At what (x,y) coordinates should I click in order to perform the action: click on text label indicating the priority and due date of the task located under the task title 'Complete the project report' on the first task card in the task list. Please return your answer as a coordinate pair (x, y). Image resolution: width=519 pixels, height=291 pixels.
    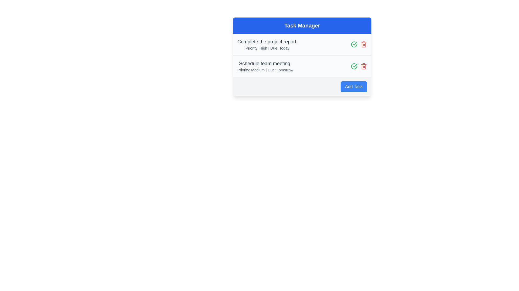
    Looking at the image, I should click on (267, 48).